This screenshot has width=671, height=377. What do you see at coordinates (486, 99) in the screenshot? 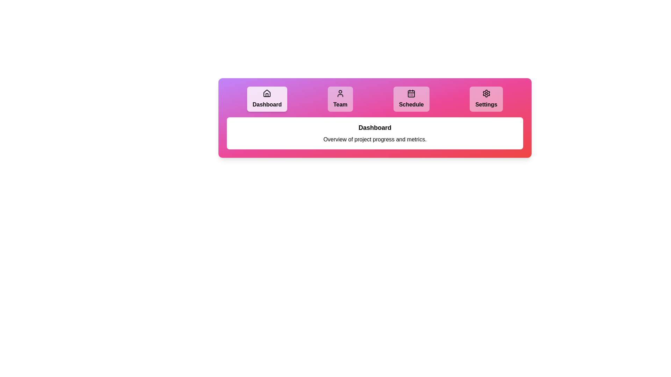
I see `the tab labeled Settings by clicking on it` at bounding box center [486, 99].